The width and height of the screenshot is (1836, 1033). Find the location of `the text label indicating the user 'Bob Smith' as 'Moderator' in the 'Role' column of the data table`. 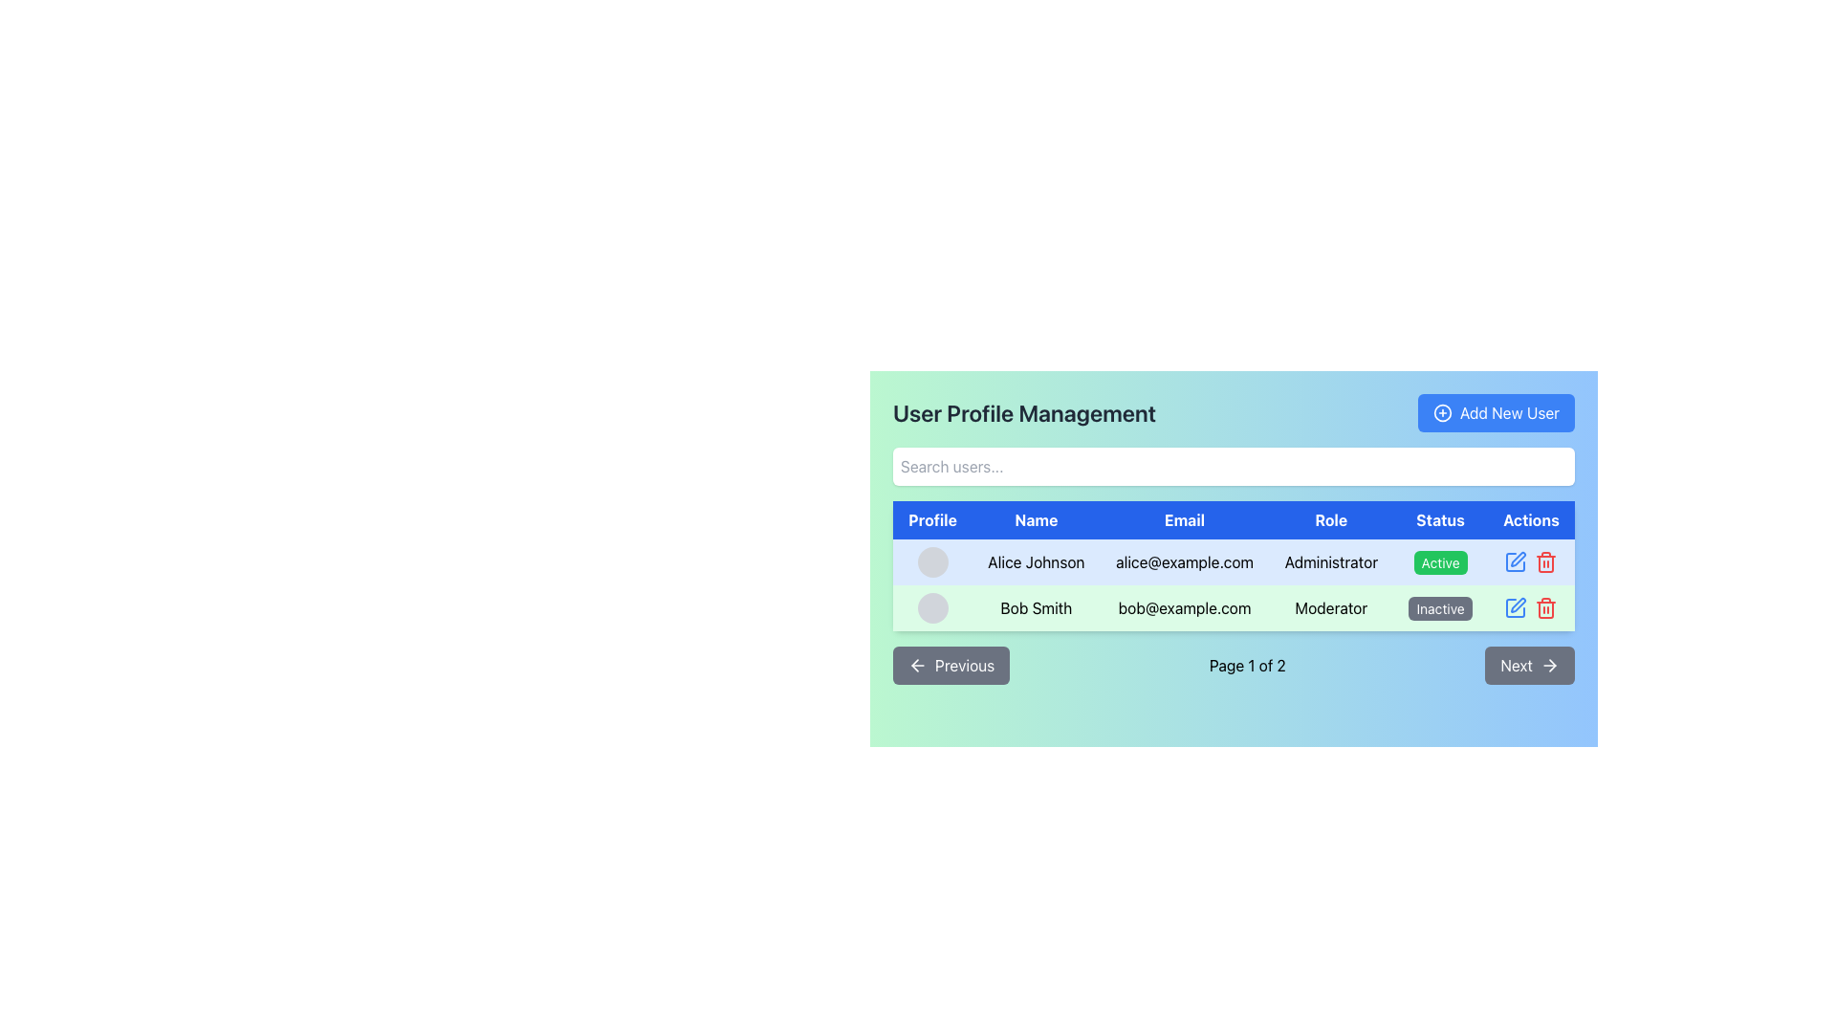

the text label indicating the user 'Bob Smith' as 'Moderator' in the 'Role' column of the data table is located at coordinates (1330, 608).